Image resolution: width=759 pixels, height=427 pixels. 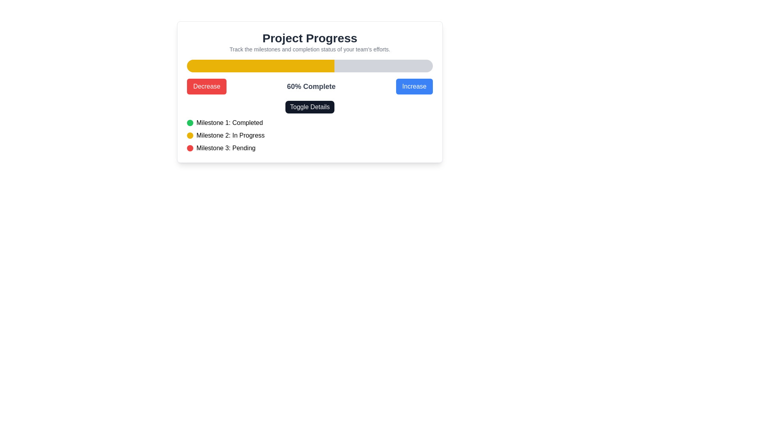 I want to click on the rectangular blue button labeled 'Increase', so click(x=414, y=87).